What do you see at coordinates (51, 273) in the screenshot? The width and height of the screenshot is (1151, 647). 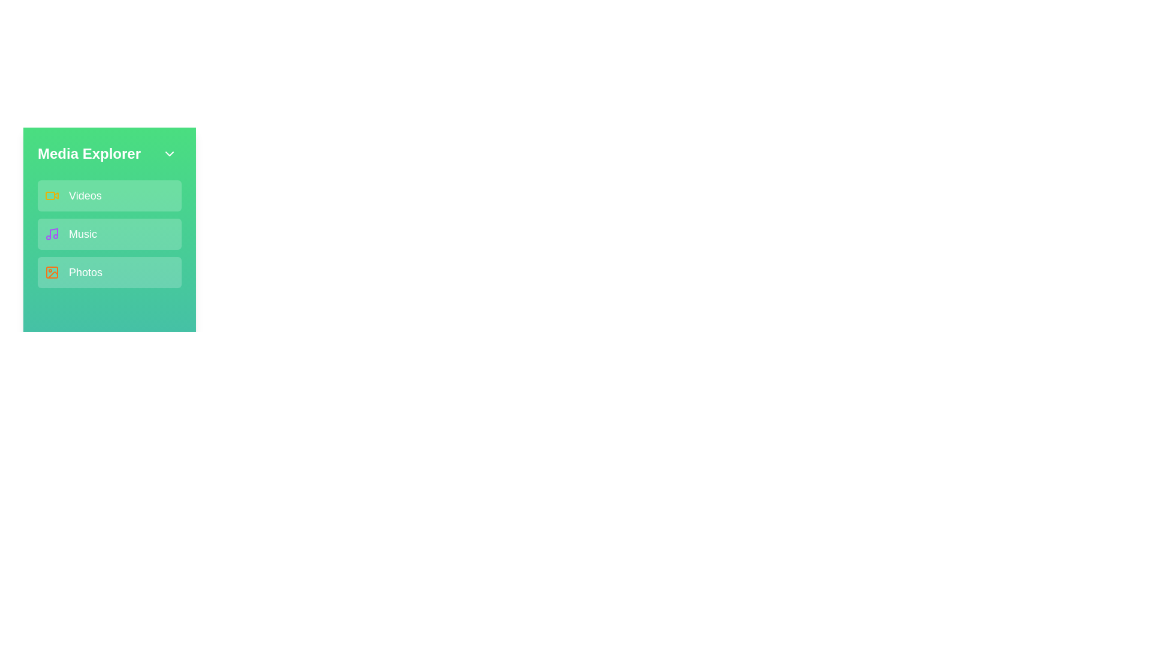 I see `the Photos icon to interact with it` at bounding box center [51, 273].